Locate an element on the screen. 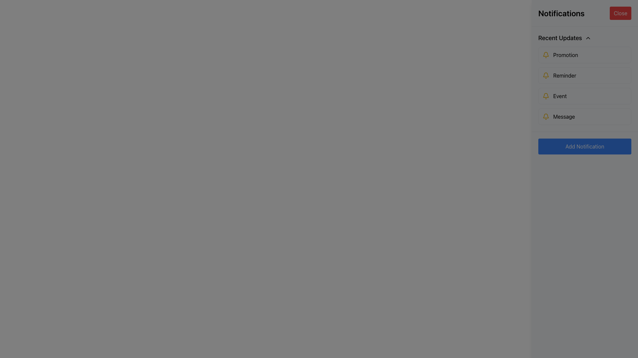  the bell icon located on the far left of the 'Event' section in the 'Recent Updates' list, which signifies a notification or alert is located at coordinates (546, 96).